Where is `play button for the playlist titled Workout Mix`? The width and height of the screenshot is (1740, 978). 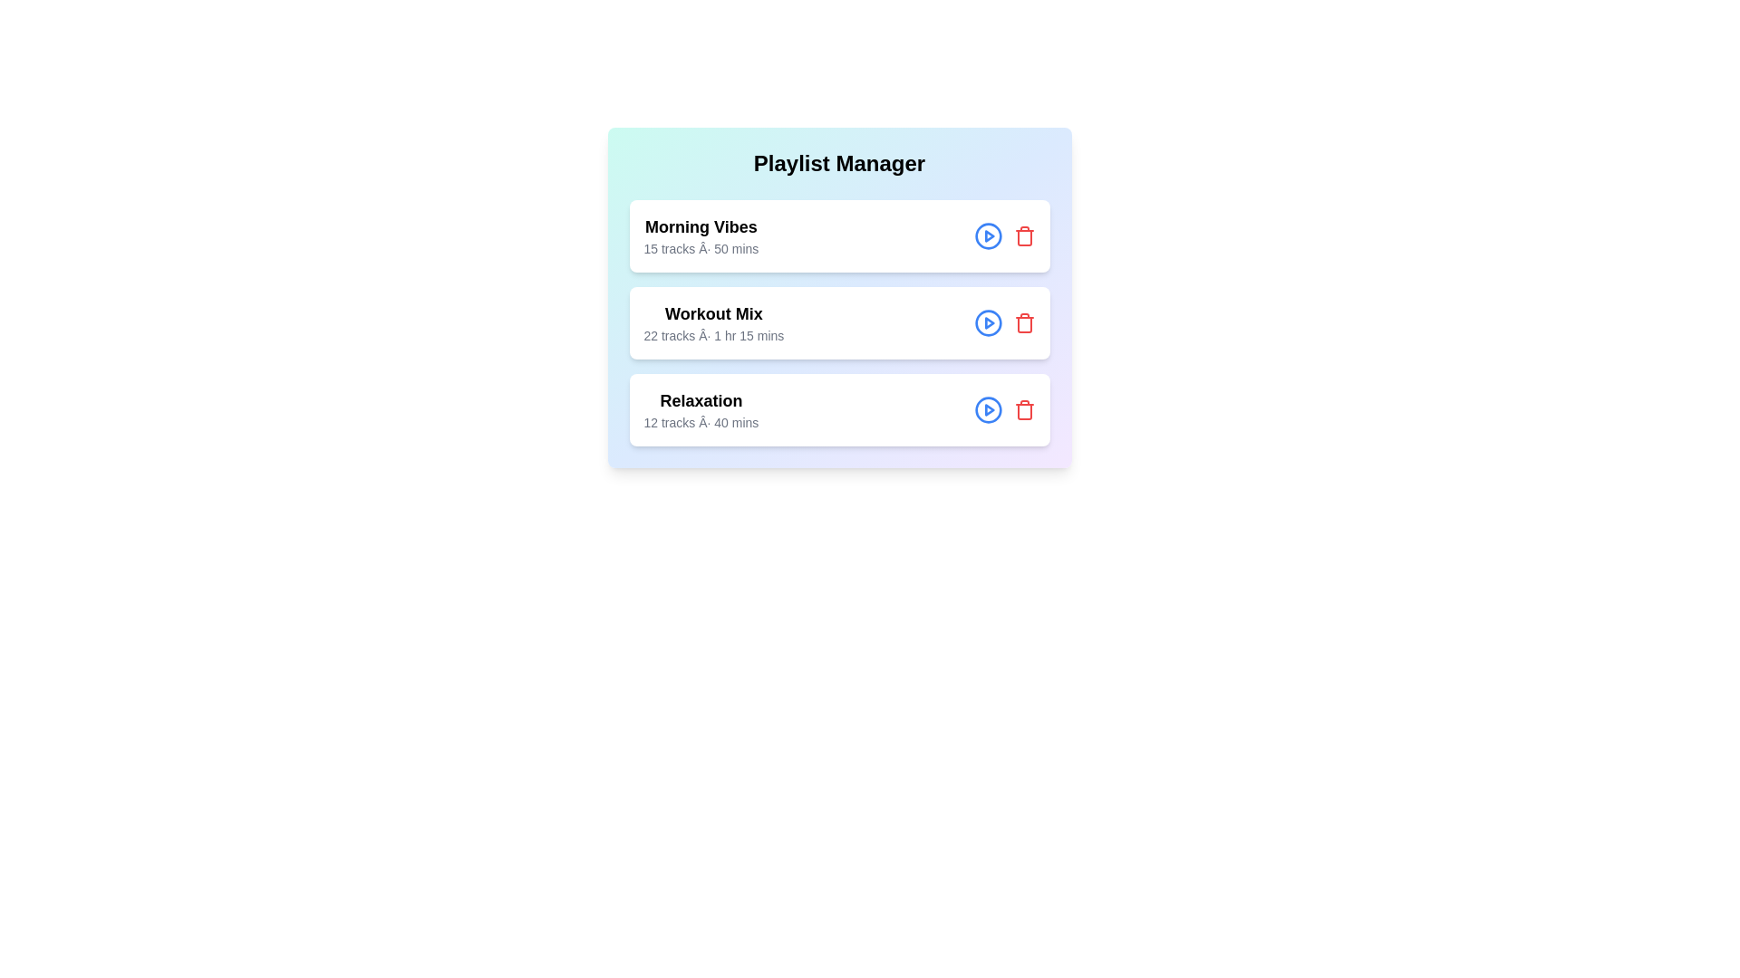 play button for the playlist titled Workout Mix is located at coordinates (987, 322).